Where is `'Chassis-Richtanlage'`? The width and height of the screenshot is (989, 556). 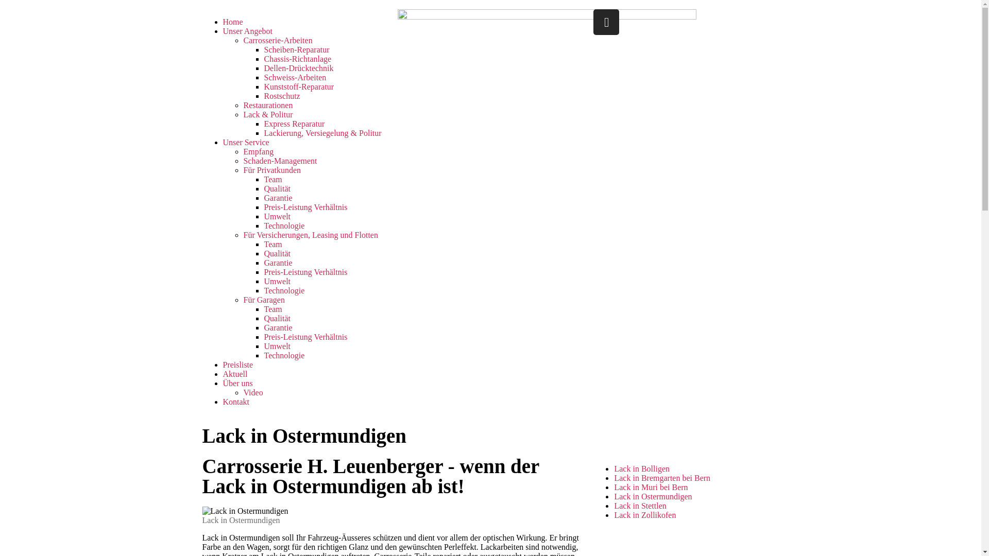 'Chassis-Richtanlage' is located at coordinates (297, 59).